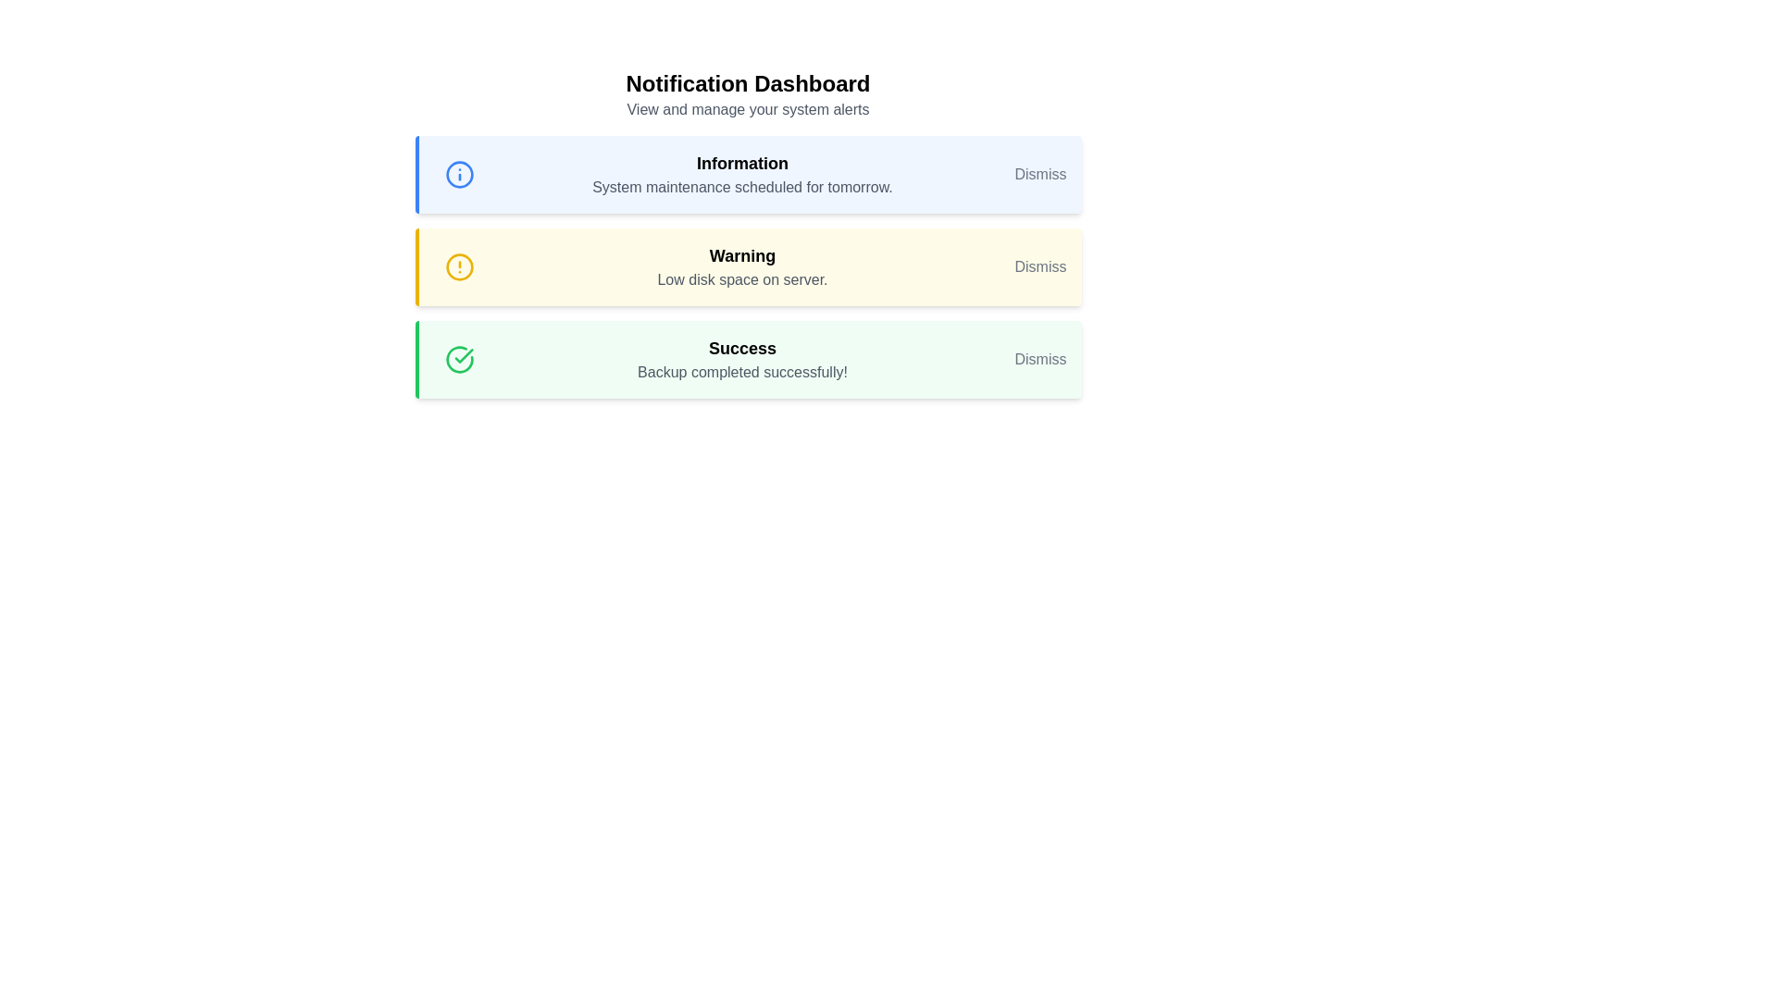  I want to click on the success icon that indicates the successful completion of an action, located to the left of the text 'Backup completed successfully!' in the notification dashboard, so click(459, 360).